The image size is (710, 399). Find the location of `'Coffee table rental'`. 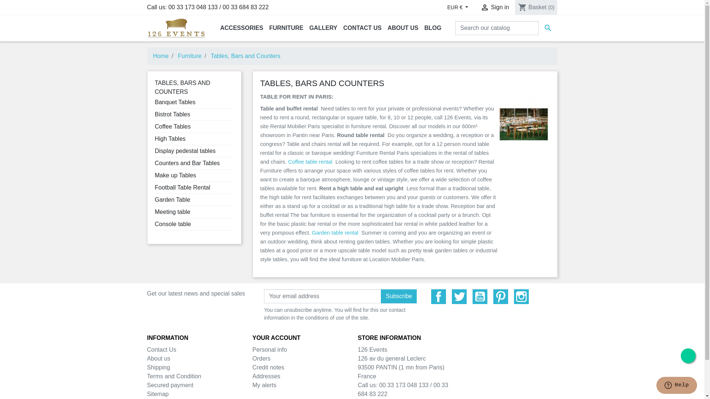

'Coffee table rental' is located at coordinates (287, 161).